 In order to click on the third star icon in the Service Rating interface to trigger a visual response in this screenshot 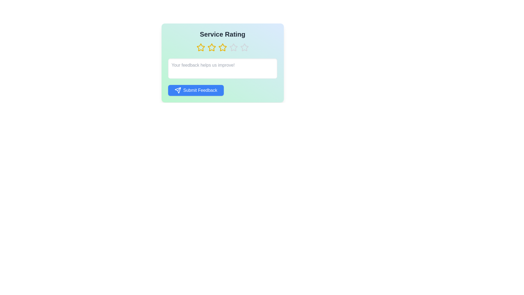, I will do `click(222, 47)`.